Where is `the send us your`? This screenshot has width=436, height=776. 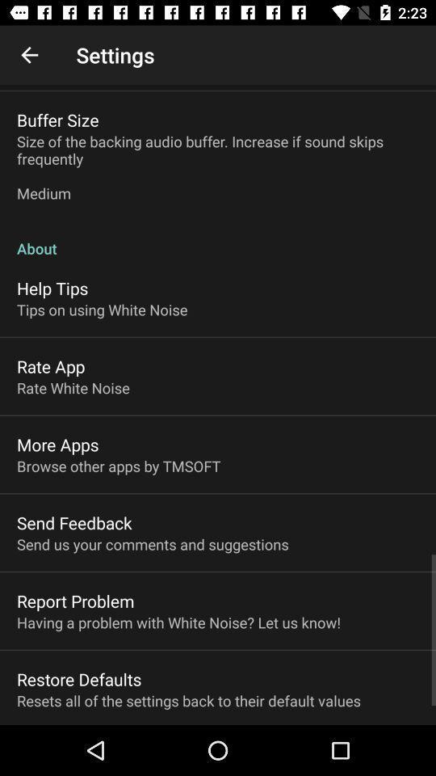 the send us your is located at coordinates (153, 544).